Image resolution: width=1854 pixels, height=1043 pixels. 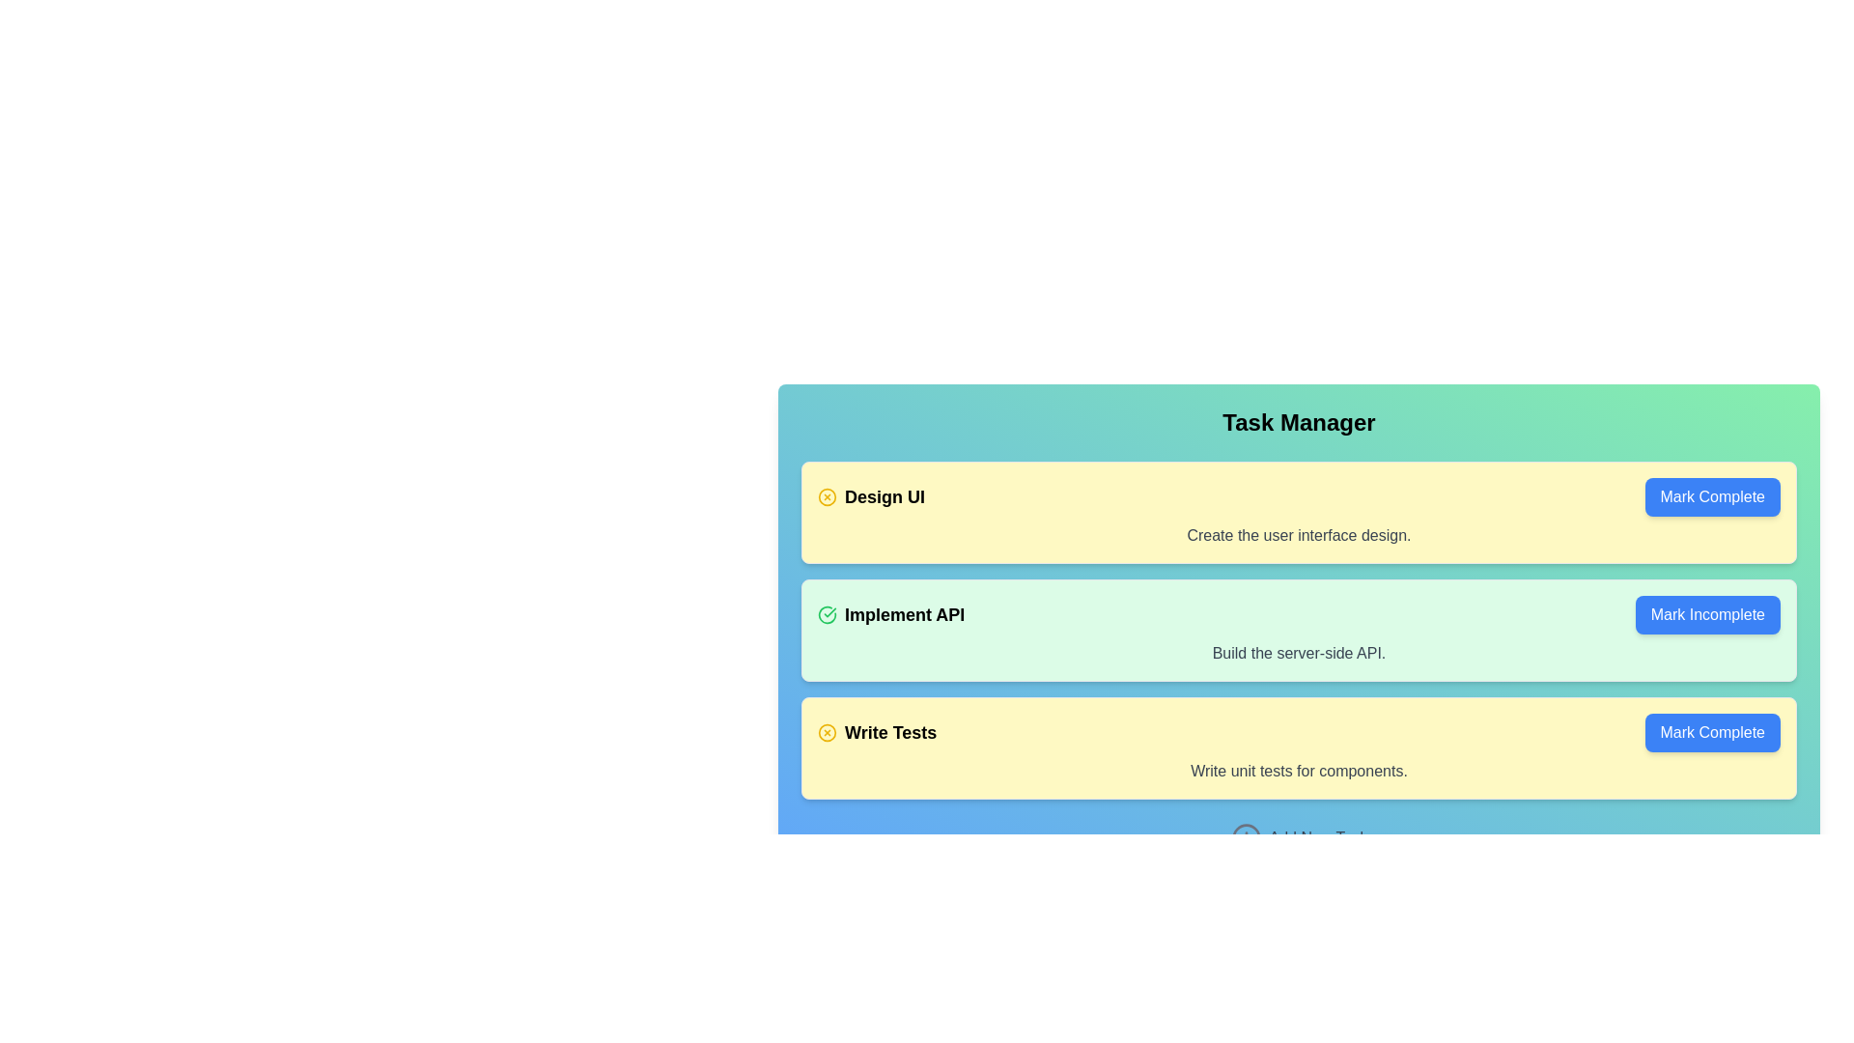 I want to click on the button within the task block labeled 'Write Tests' to mark the task as complete, so click(x=1299, y=733).